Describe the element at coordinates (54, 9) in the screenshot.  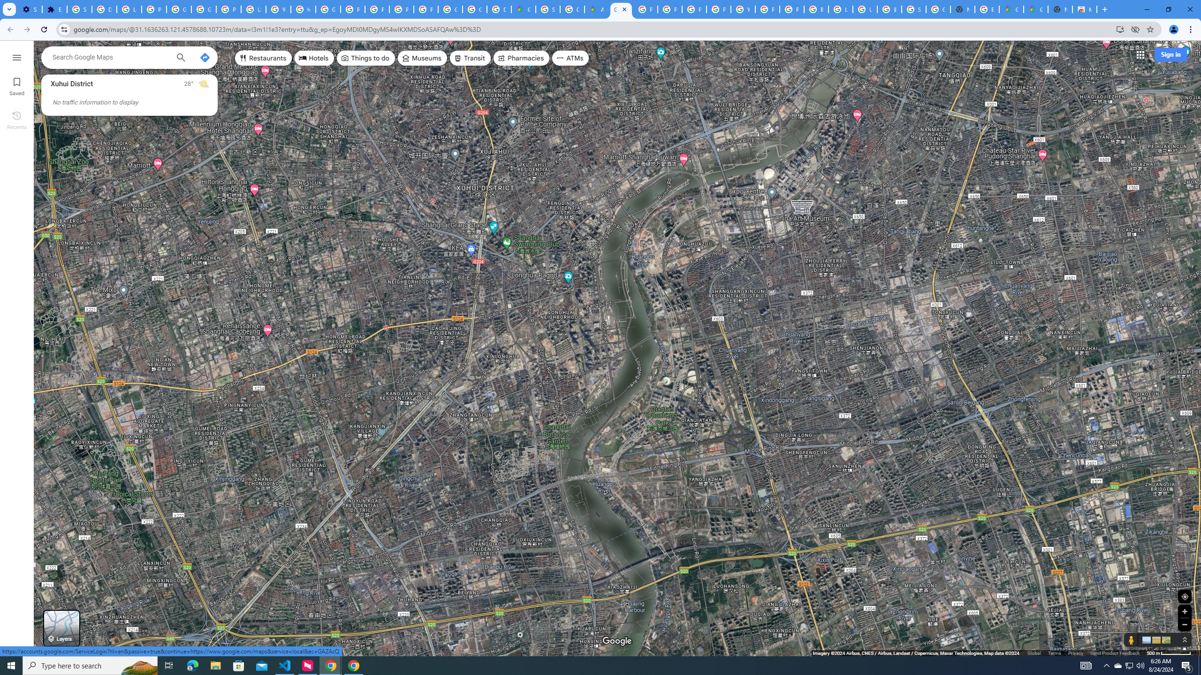
I see `'Extensions'` at that location.